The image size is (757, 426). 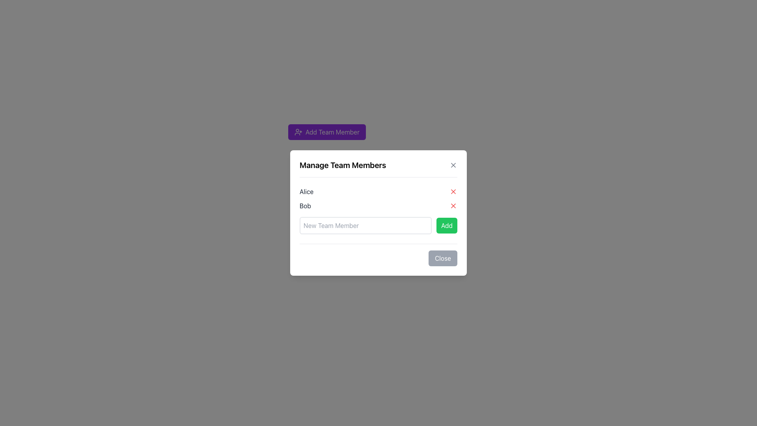 I want to click on the deletion button located to the right of the text 'Alice' in the 'Manage Team Members' section, so click(x=453, y=192).